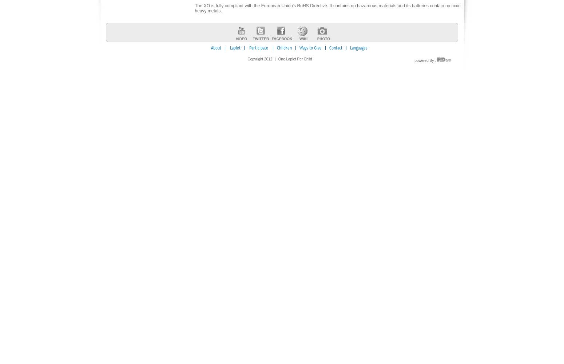  What do you see at coordinates (414, 60) in the screenshot?
I see `'powered By :'` at bounding box center [414, 60].